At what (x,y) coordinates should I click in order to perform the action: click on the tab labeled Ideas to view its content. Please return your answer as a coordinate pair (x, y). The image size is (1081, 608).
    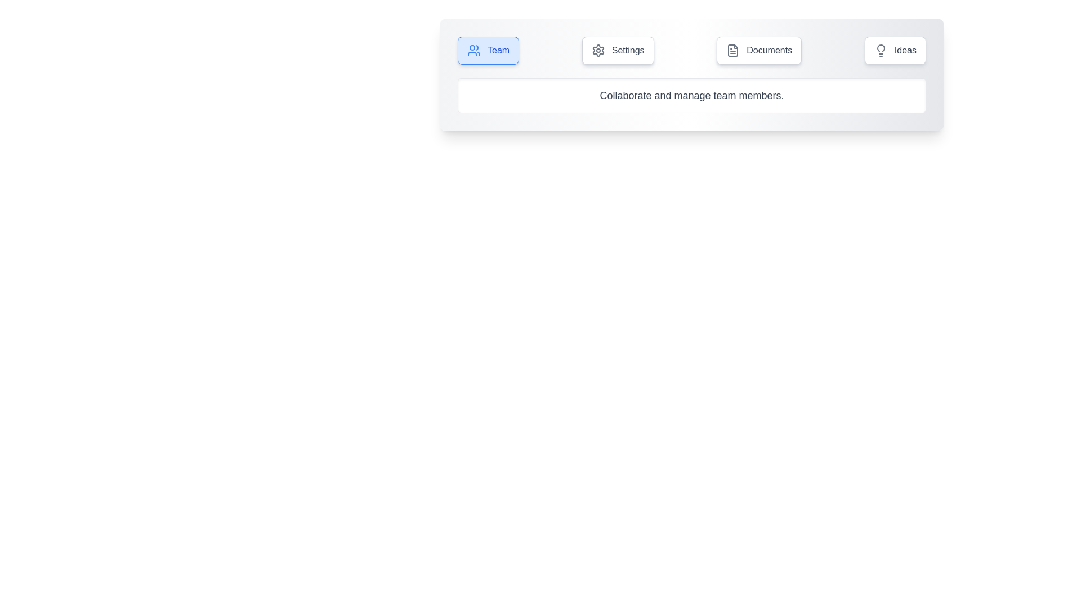
    Looking at the image, I should click on (895, 50).